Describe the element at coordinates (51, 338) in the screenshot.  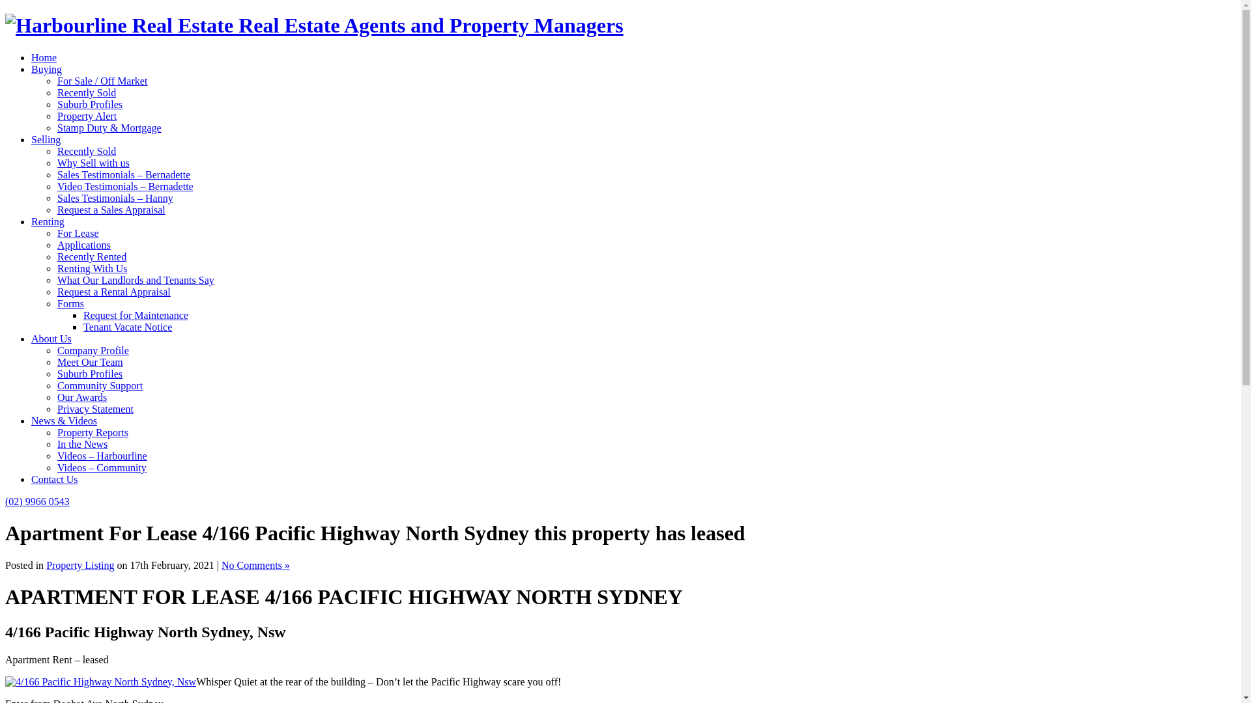
I see `'About Us'` at that location.